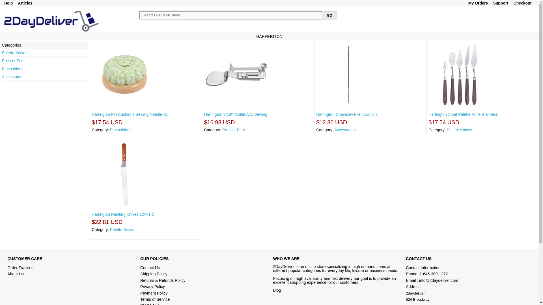 The height and width of the screenshot is (305, 543). What do you see at coordinates (120, 130) in the screenshot?
I see `'Pincushions'` at bounding box center [120, 130].